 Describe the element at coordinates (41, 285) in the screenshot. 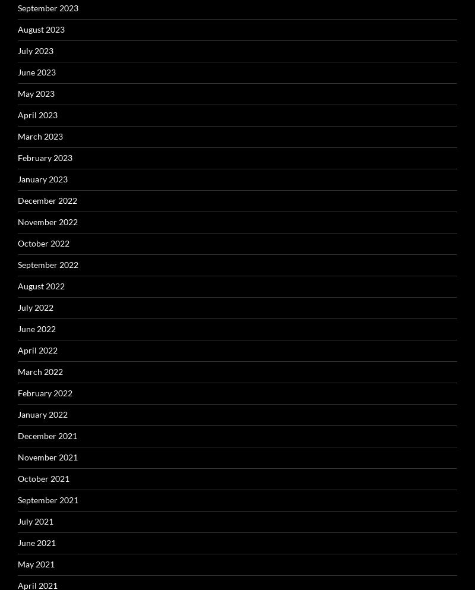

I see `'August 2022'` at that location.